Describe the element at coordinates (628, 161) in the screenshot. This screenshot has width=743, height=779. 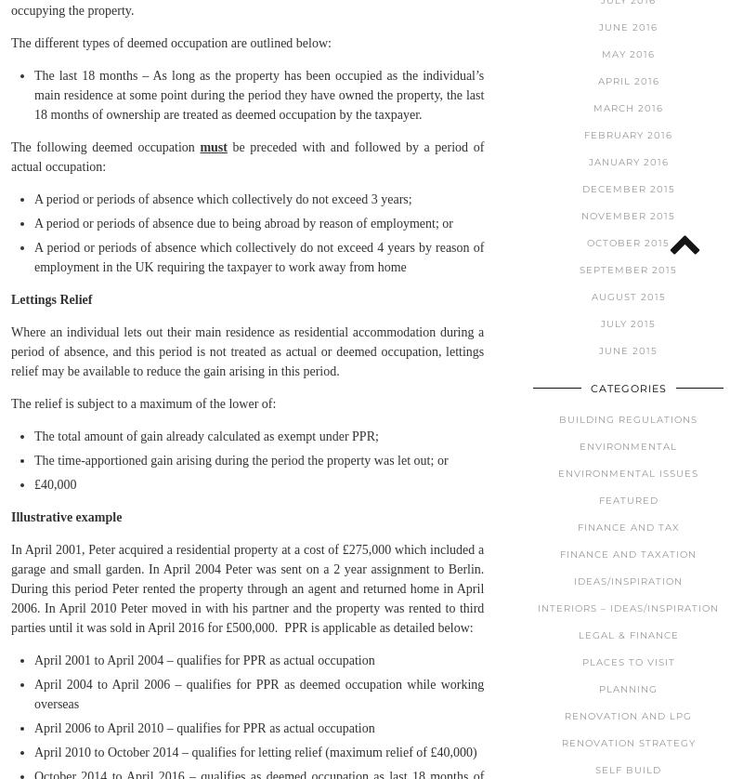
I see `'January 2016'` at that location.